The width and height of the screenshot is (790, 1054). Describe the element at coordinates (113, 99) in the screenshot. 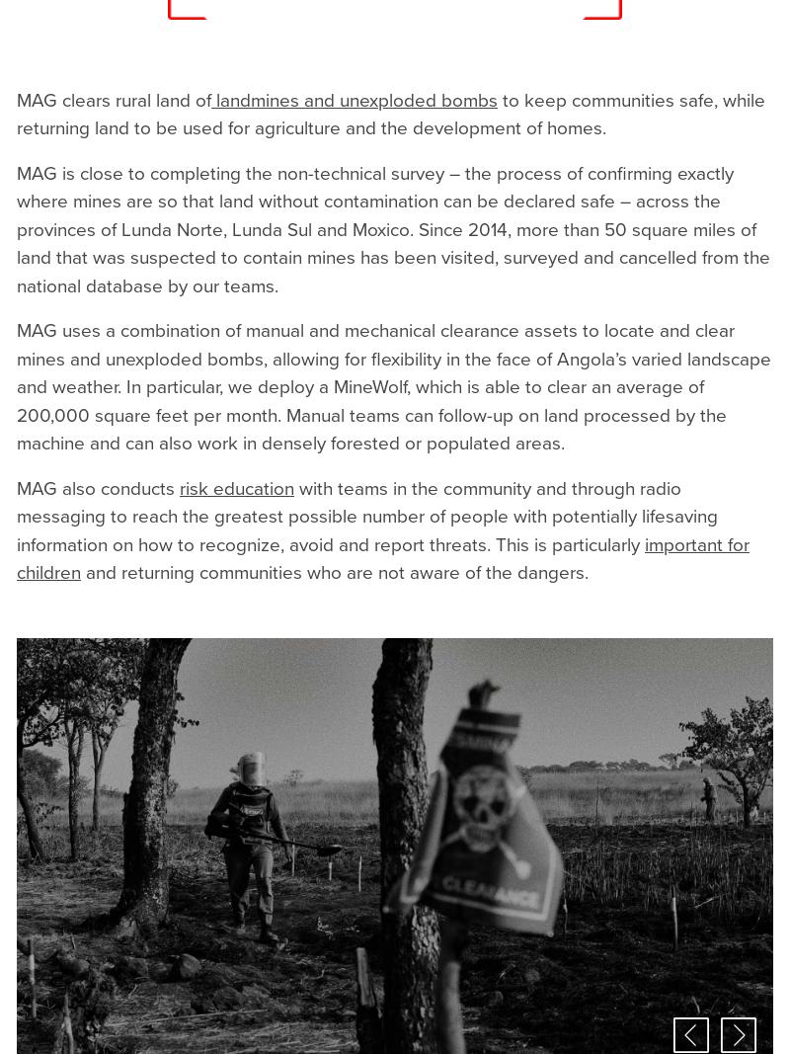

I see `'MAG clears rural land of'` at that location.